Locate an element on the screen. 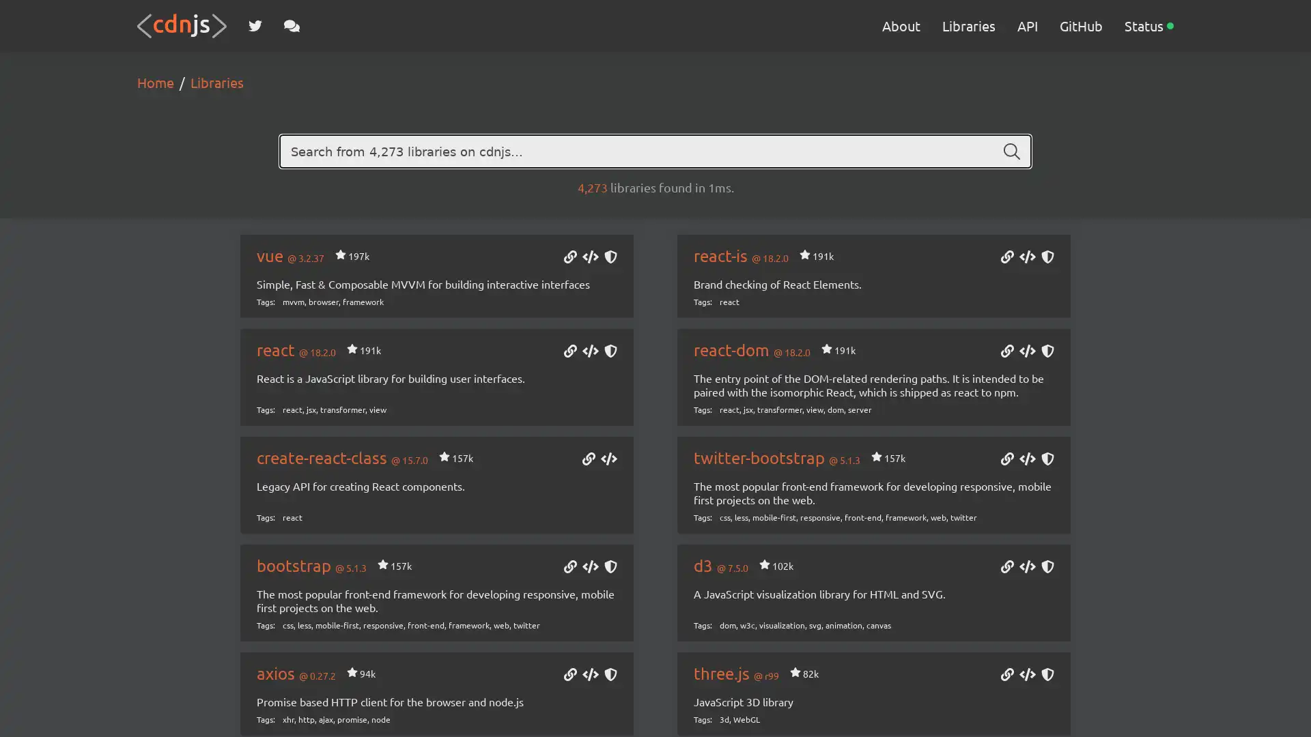 The height and width of the screenshot is (737, 1311). Copy SRI Hash is located at coordinates (609, 258).